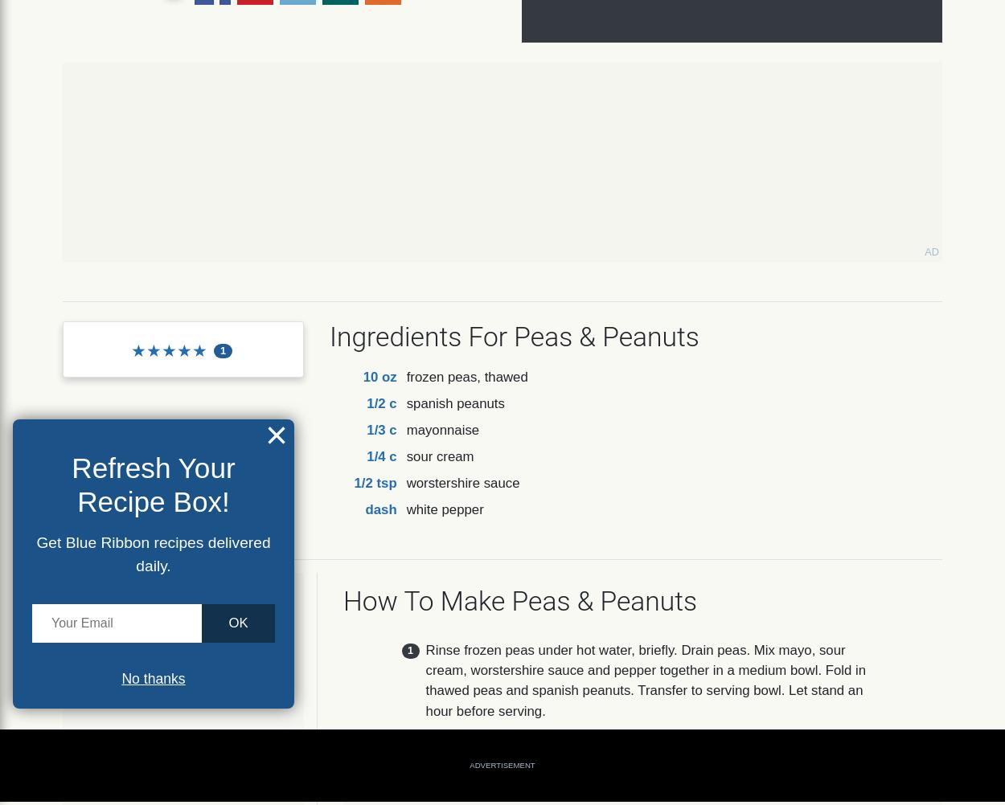 Image resolution: width=1005 pixels, height=805 pixels. I want to click on 'Refresh Your Recipe Box!', so click(152, 483).